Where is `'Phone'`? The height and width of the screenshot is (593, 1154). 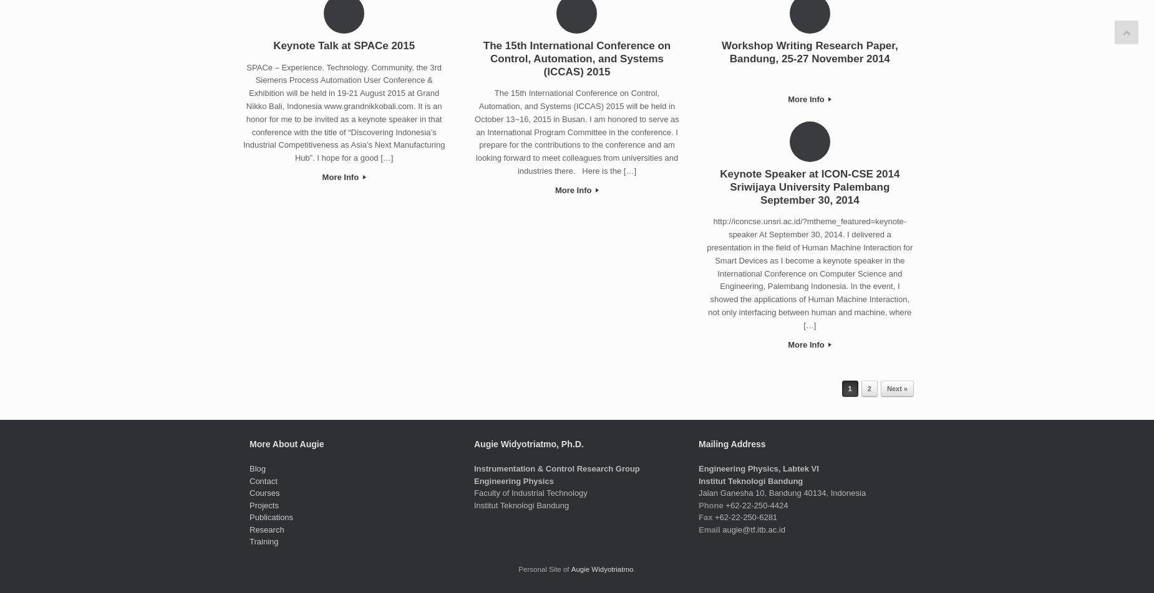
'Phone' is located at coordinates (710, 505).